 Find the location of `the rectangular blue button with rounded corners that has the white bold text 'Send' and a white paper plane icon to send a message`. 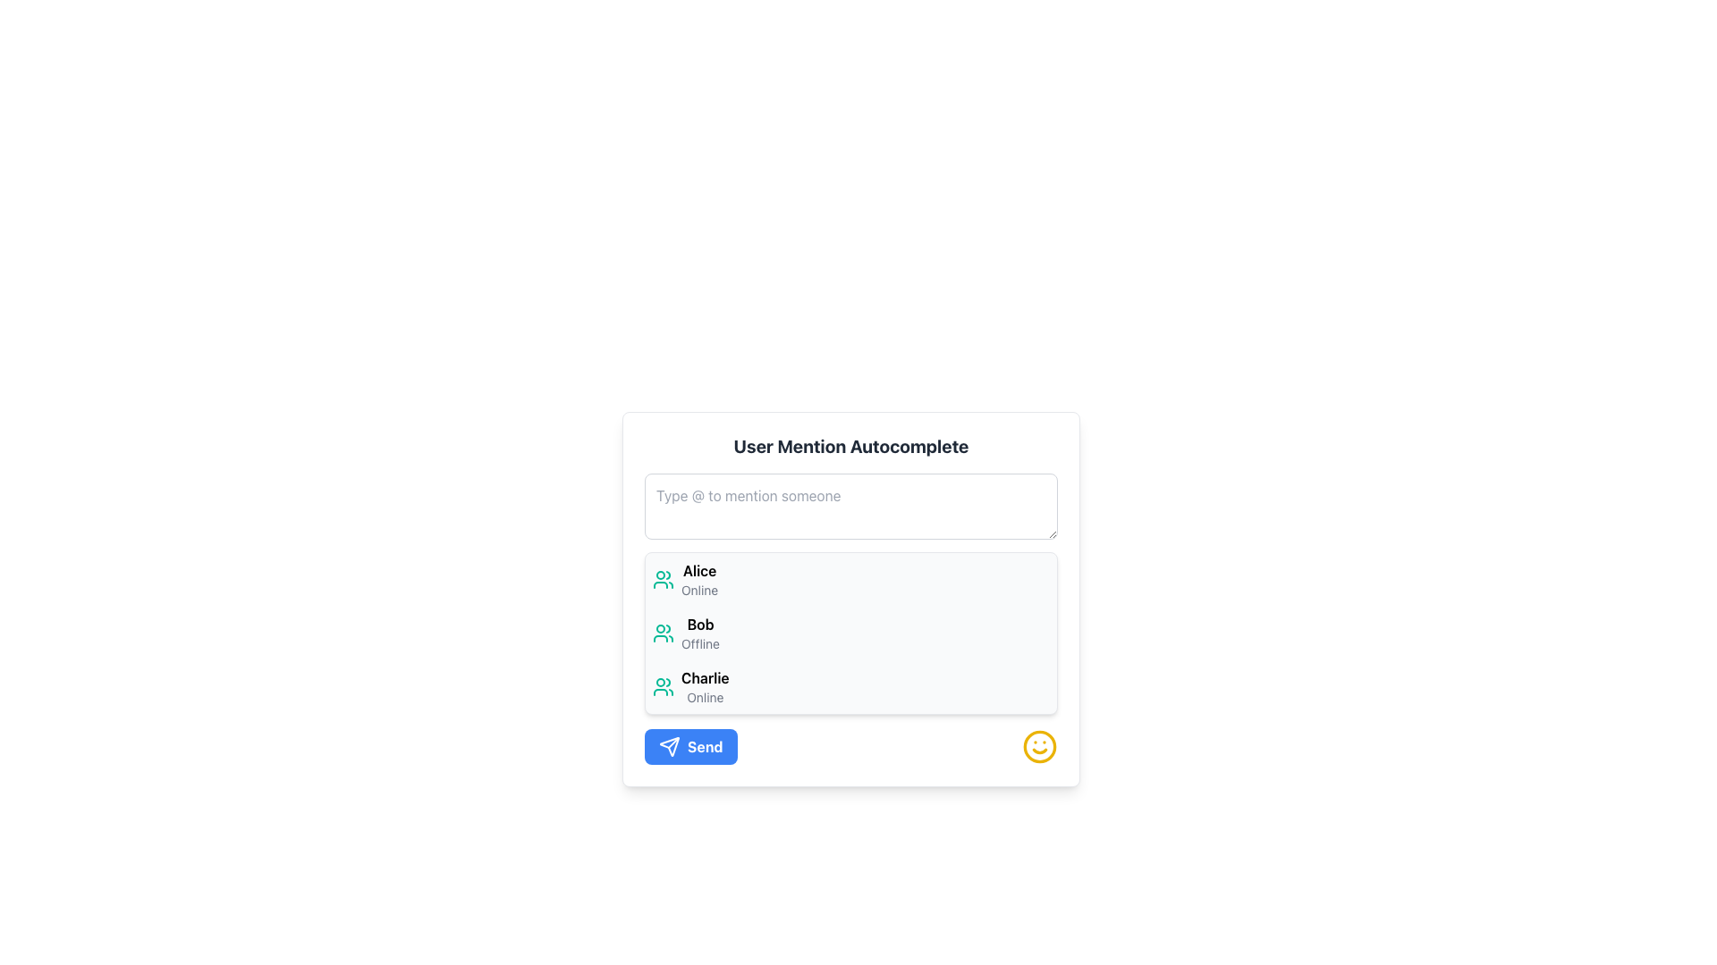

the rectangular blue button with rounded corners that has the white bold text 'Send' and a white paper plane icon to send a message is located at coordinates (689, 747).